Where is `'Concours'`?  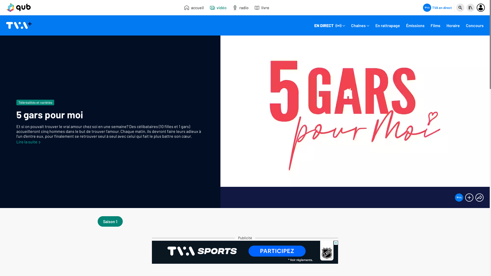
'Concours' is located at coordinates (474, 26).